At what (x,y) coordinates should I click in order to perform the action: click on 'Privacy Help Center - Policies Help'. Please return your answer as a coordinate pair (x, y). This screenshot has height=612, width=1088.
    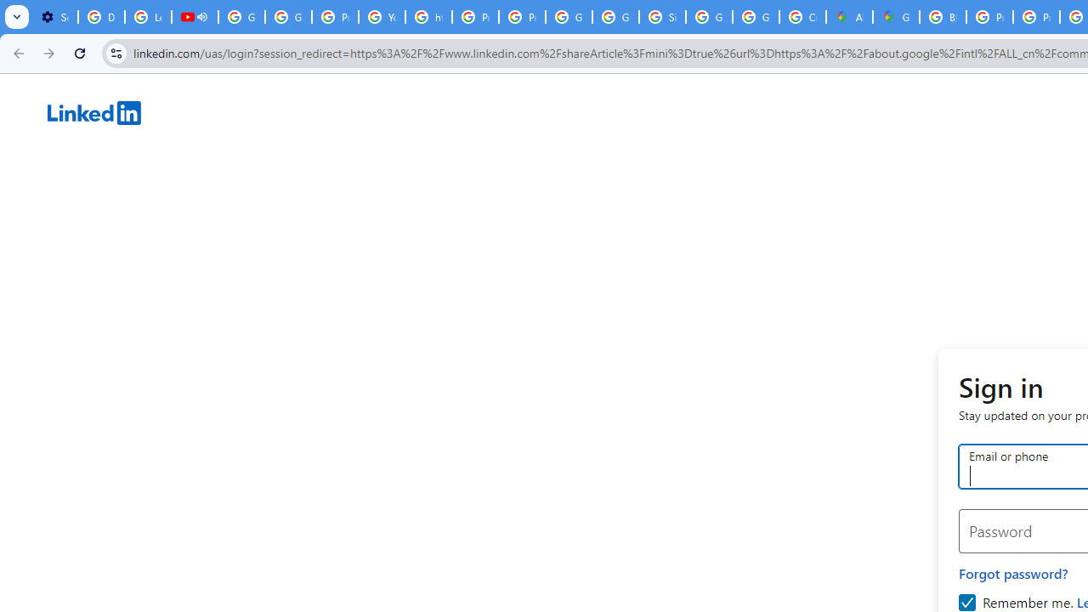
    Looking at the image, I should click on (989, 17).